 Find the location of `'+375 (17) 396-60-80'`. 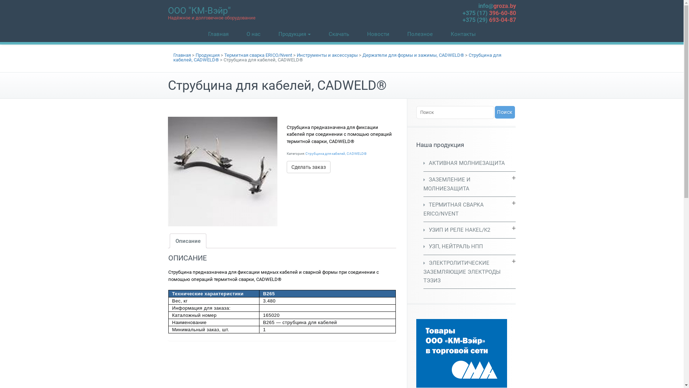

'+375 (17) 396-60-80' is located at coordinates (462, 13).